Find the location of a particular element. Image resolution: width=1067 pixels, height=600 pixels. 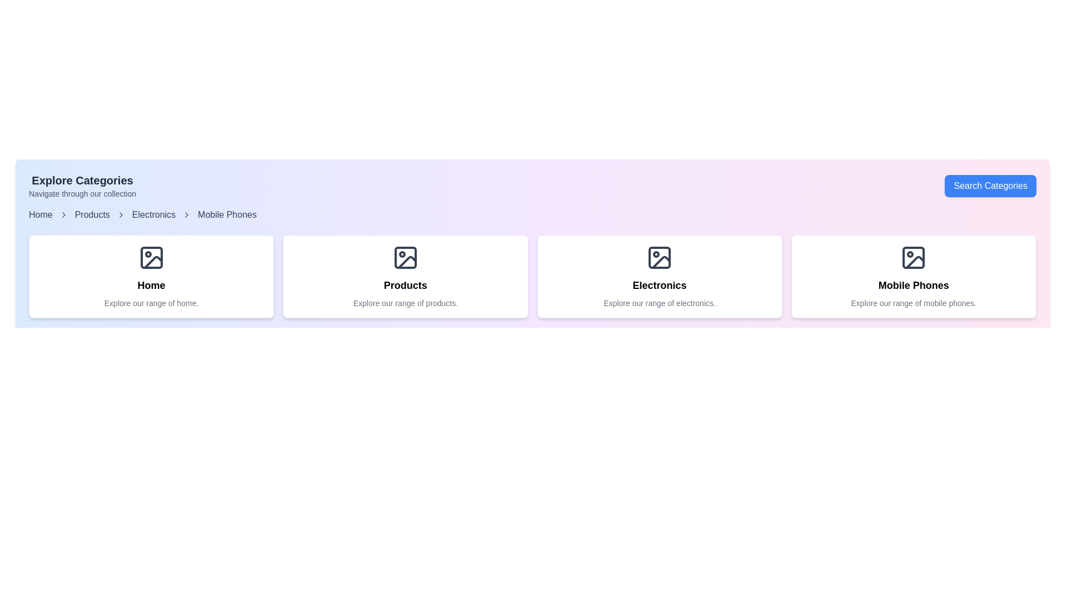

centered text element that says 'Explore our range of products.' located below the title 'Products.' is located at coordinates (405, 303).